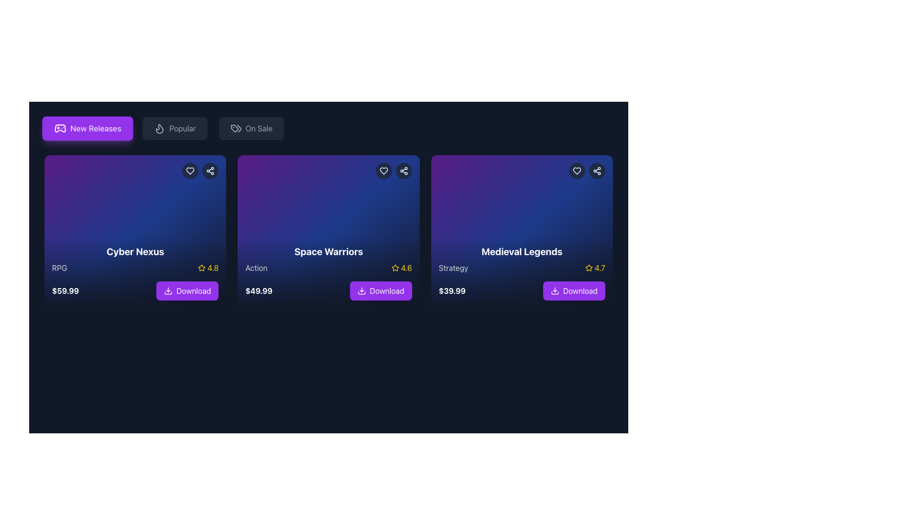 The height and width of the screenshot is (516, 918). What do you see at coordinates (135, 251) in the screenshot?
I see `the text label element representing the title 'Cyber Nexus' in the first card of the horizontally aligned list` at bounding box center [135, 251].